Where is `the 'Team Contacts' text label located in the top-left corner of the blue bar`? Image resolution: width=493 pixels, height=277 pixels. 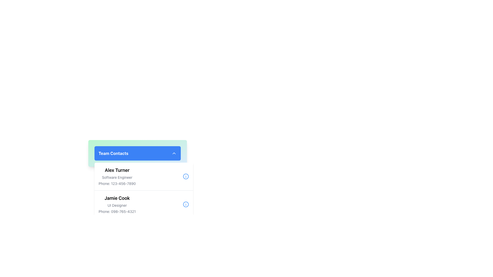
the 'Team Contacts' text label located in the top-left corner of the blue bar is located at coordinates (113, 153).